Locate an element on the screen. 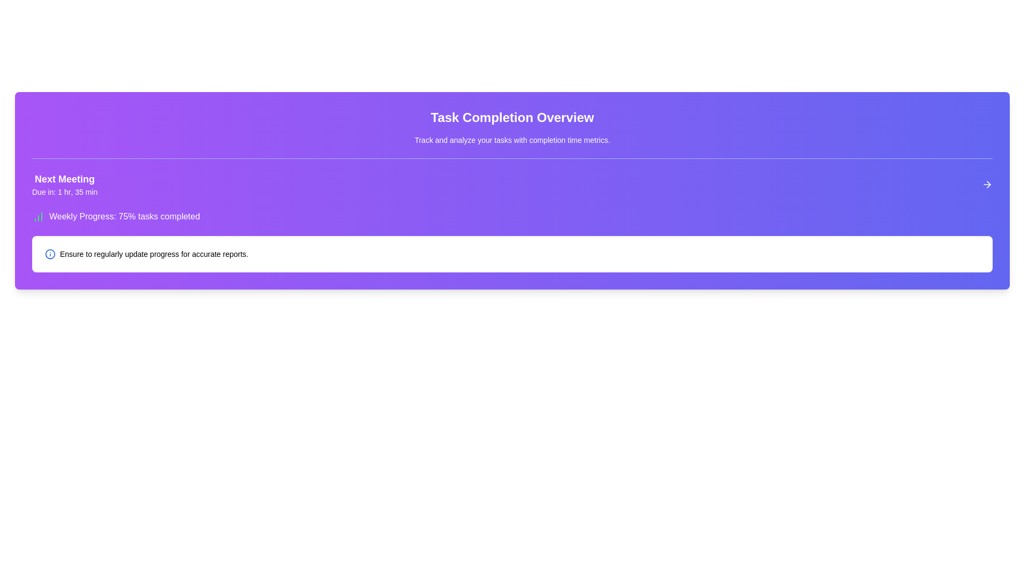  the static text that provides context about the 'Task Completion Overview' section, located immediately below the header is located at coordinates (511, 140).